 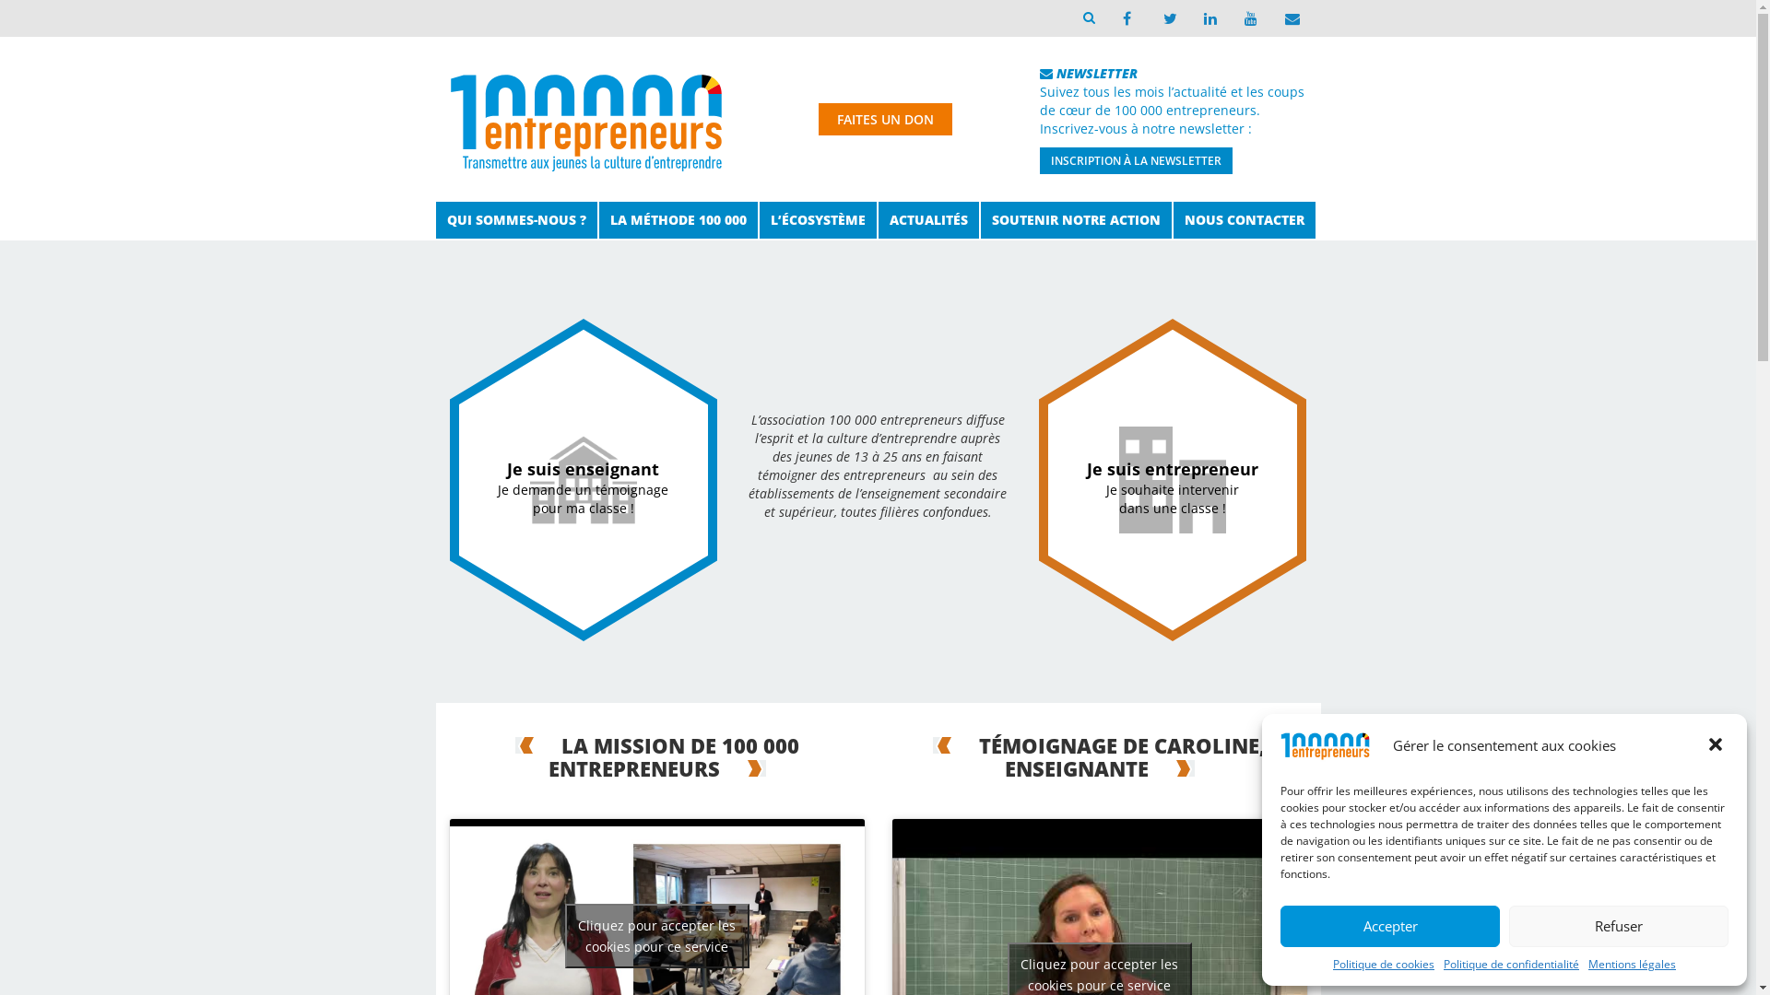 What do you see at coordinates (1287, 18) in the screenshot?
I see `'Mail'` at bounding box center [1287, 18].